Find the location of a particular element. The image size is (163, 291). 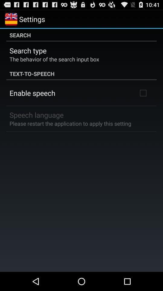

please restart the is located at coordinates (70, 123).